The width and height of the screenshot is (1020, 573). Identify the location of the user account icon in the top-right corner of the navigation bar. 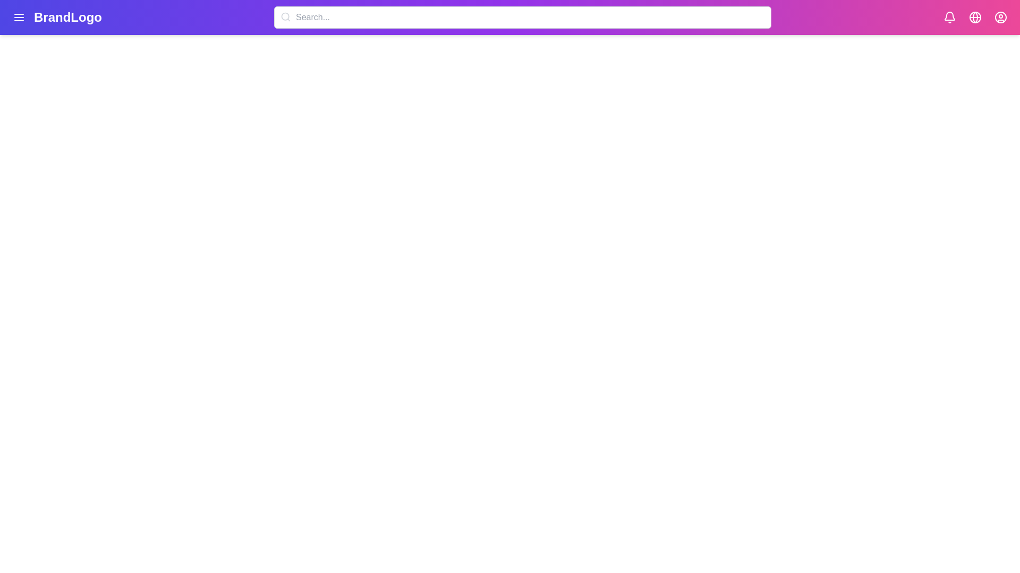
(1000, 18).